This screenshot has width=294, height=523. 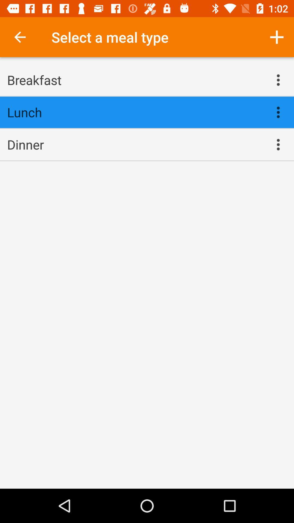 I want to click on item at the top left corner, so click(x=20, y=37).